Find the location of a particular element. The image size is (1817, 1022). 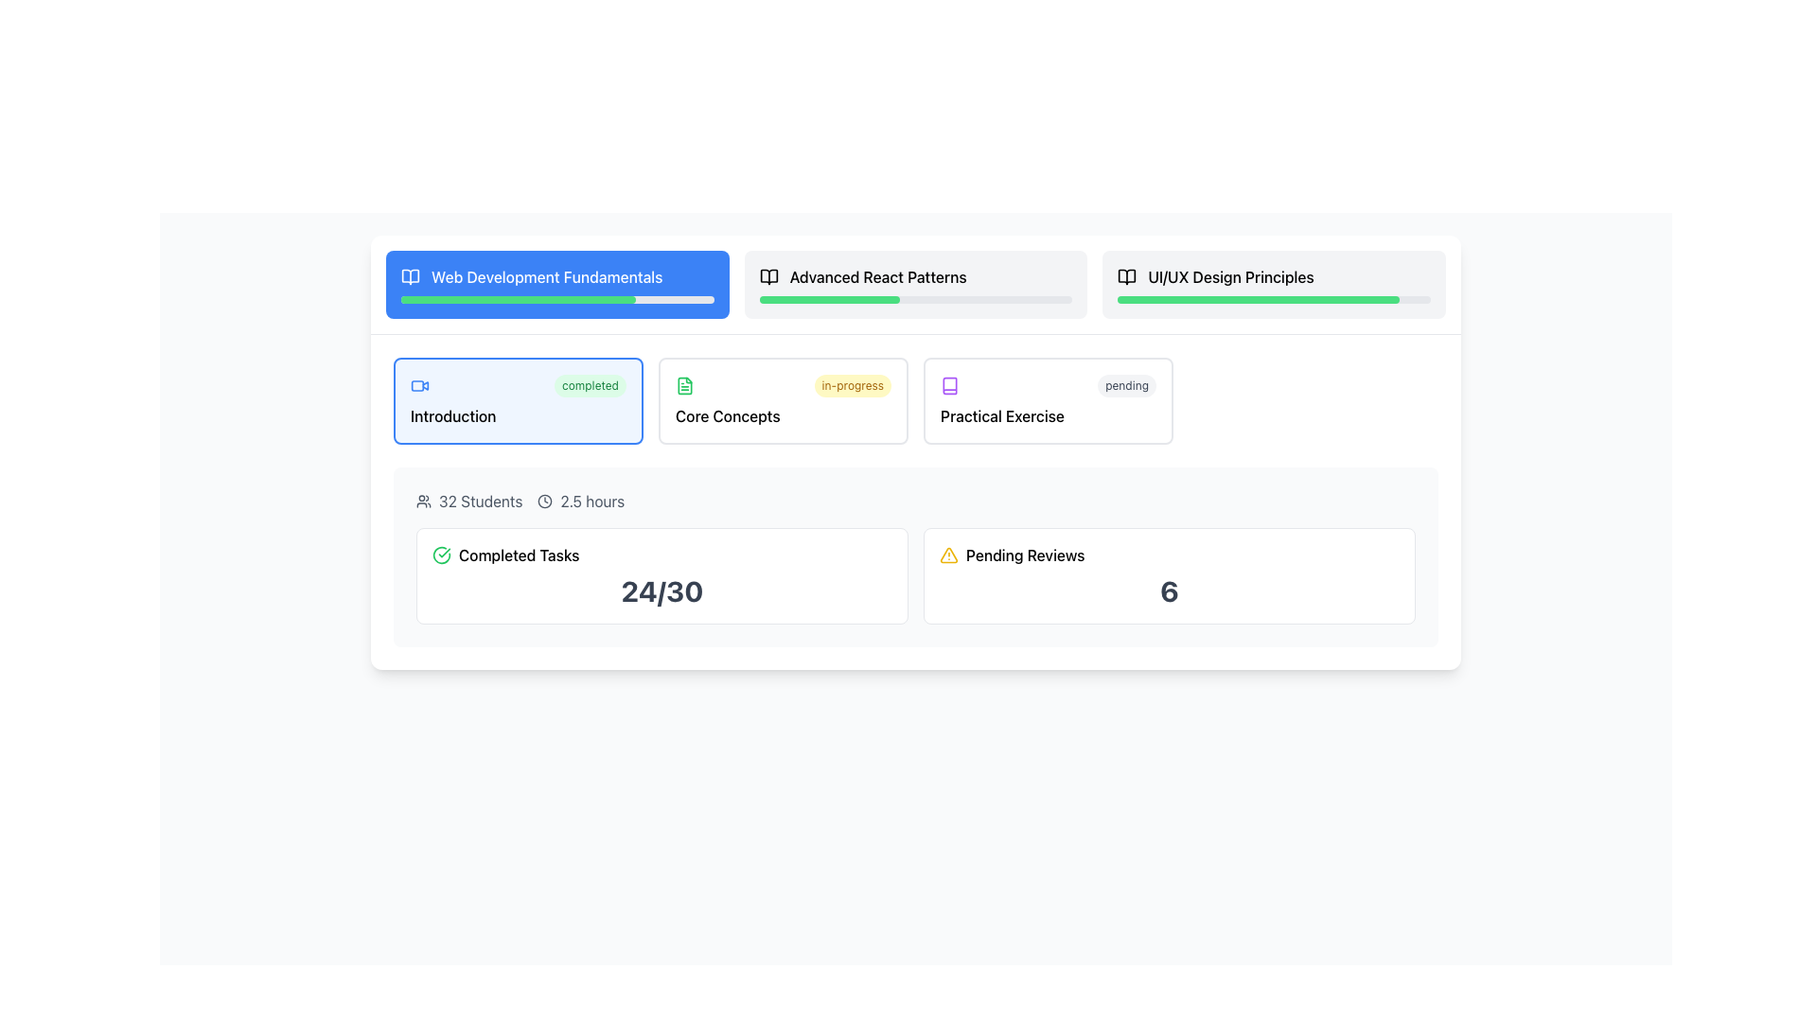

the icon representing 'Students', located at the leftmost side of the group that includes the text '32 Students' near the upper section of the student and tasks summary panel is located at coordinates (422, 500).